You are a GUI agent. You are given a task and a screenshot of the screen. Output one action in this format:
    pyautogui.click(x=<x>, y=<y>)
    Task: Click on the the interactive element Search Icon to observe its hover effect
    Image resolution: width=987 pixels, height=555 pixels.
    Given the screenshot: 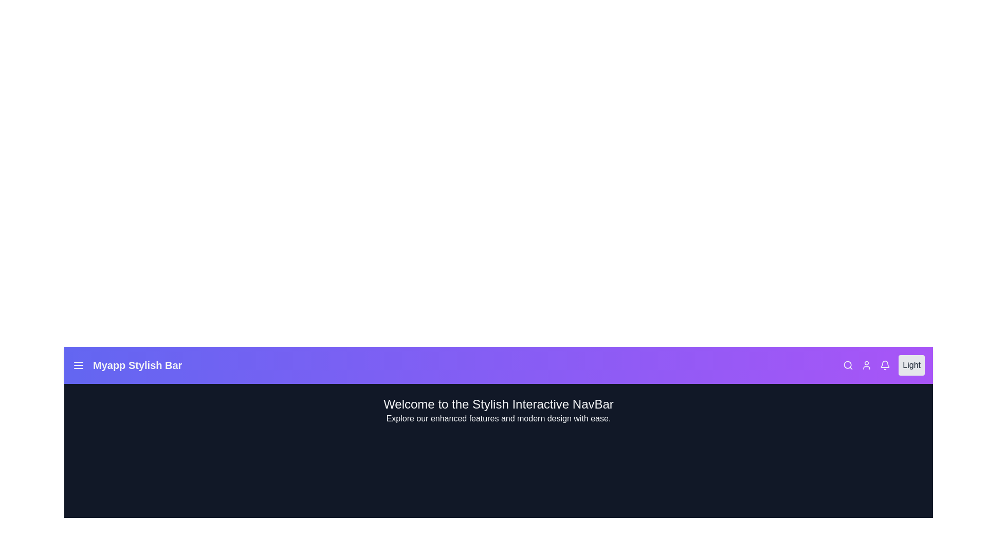 What is the action you would take?
    pyautogui.click(x=848, y=364)
    